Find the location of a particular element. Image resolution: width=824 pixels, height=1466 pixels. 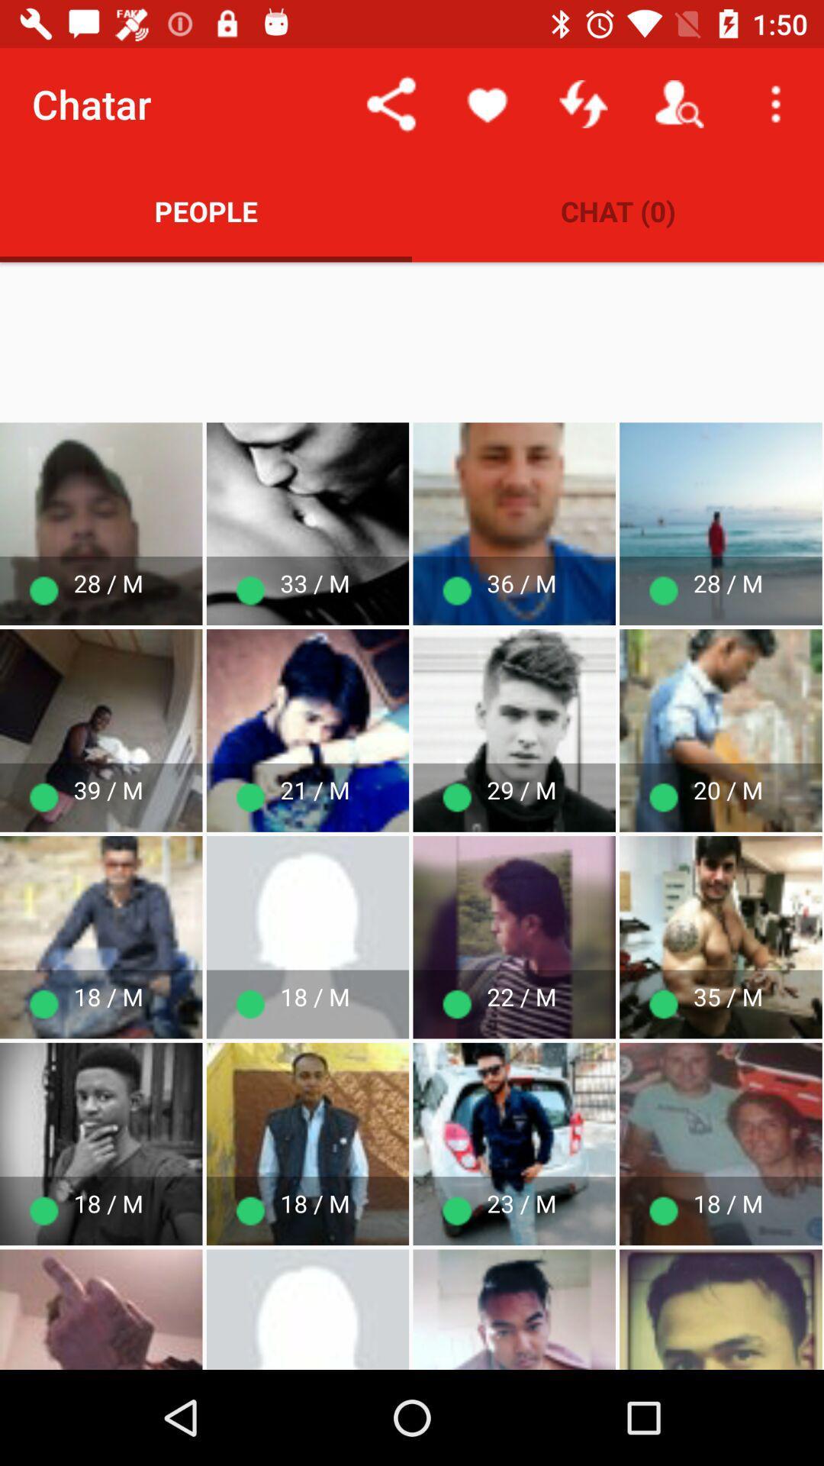

the people app is located at coordinates (206, 210).